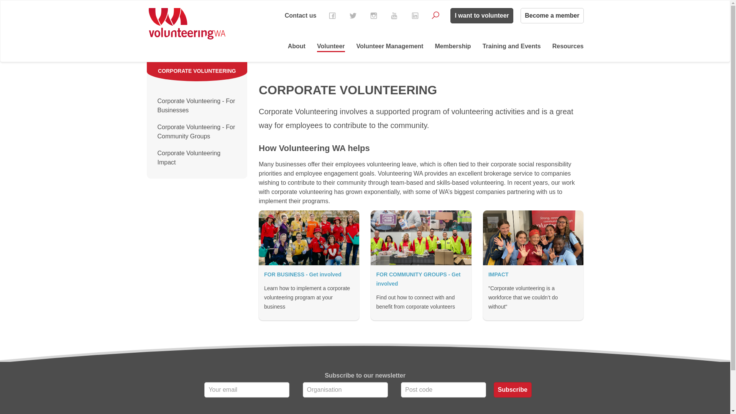  What do you see at coordinates (197, 158) in the screenshot?
I see `'Corporate Volunteering Impact'` at bounding box center [197, 158].